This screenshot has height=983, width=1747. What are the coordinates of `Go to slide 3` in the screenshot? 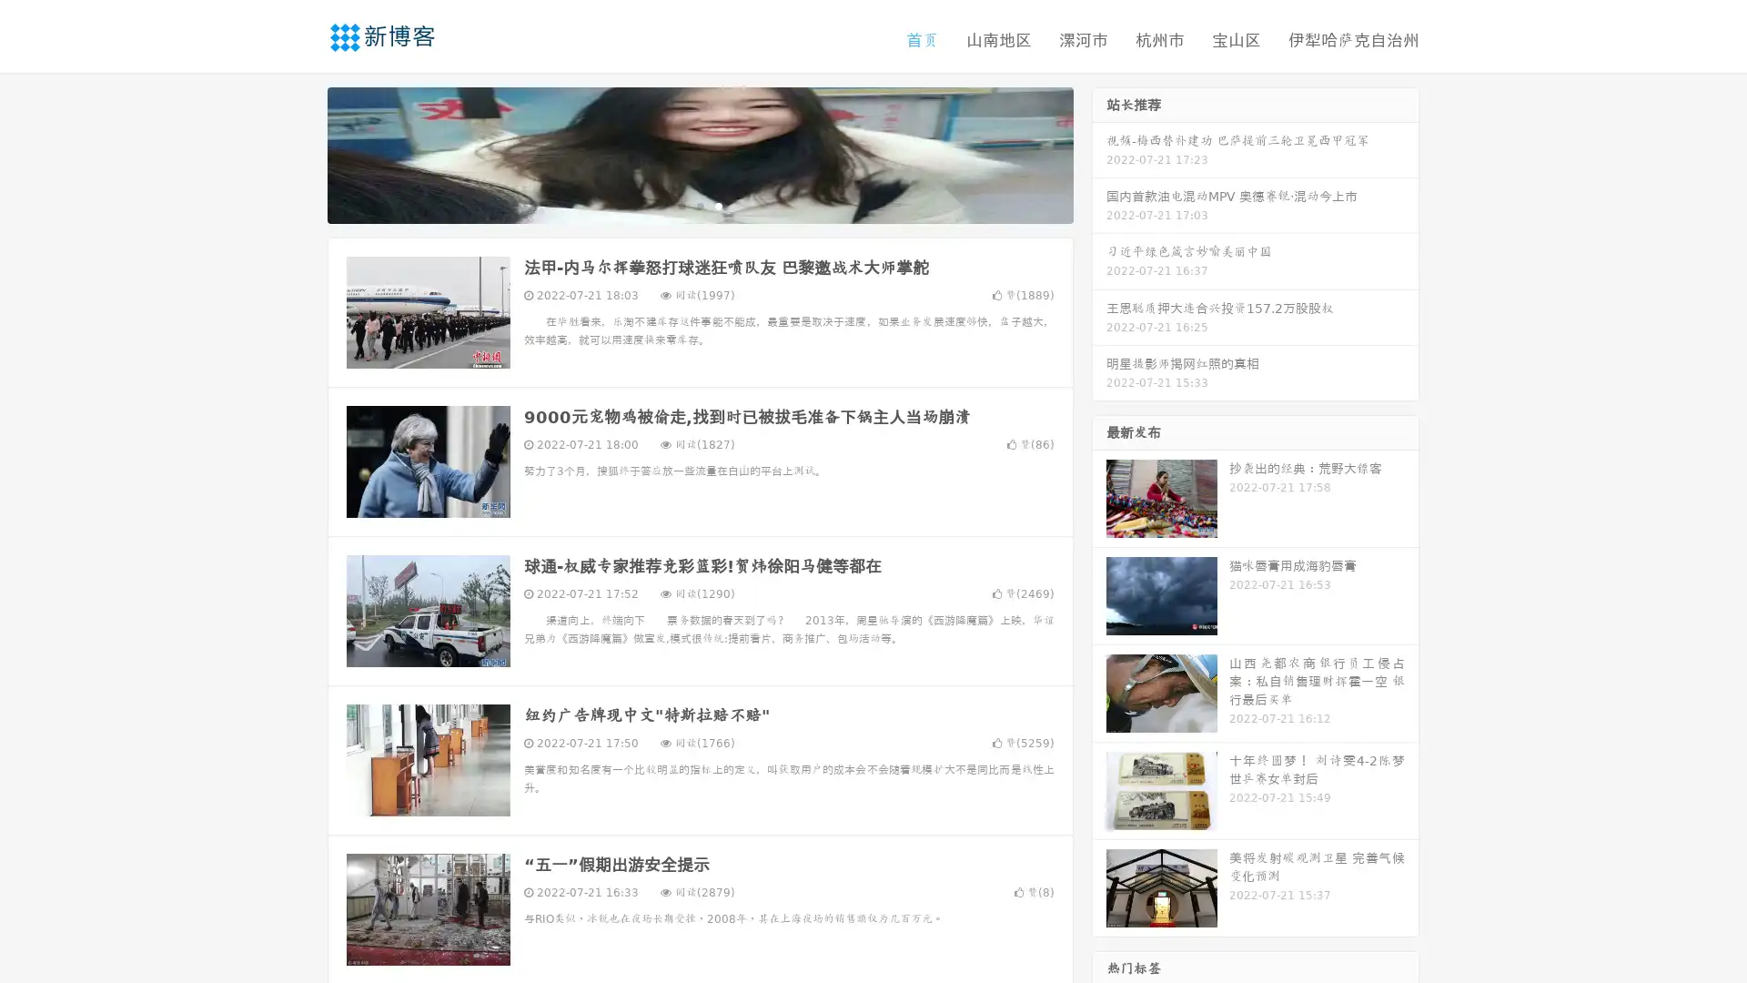 It's located at (718, 205).